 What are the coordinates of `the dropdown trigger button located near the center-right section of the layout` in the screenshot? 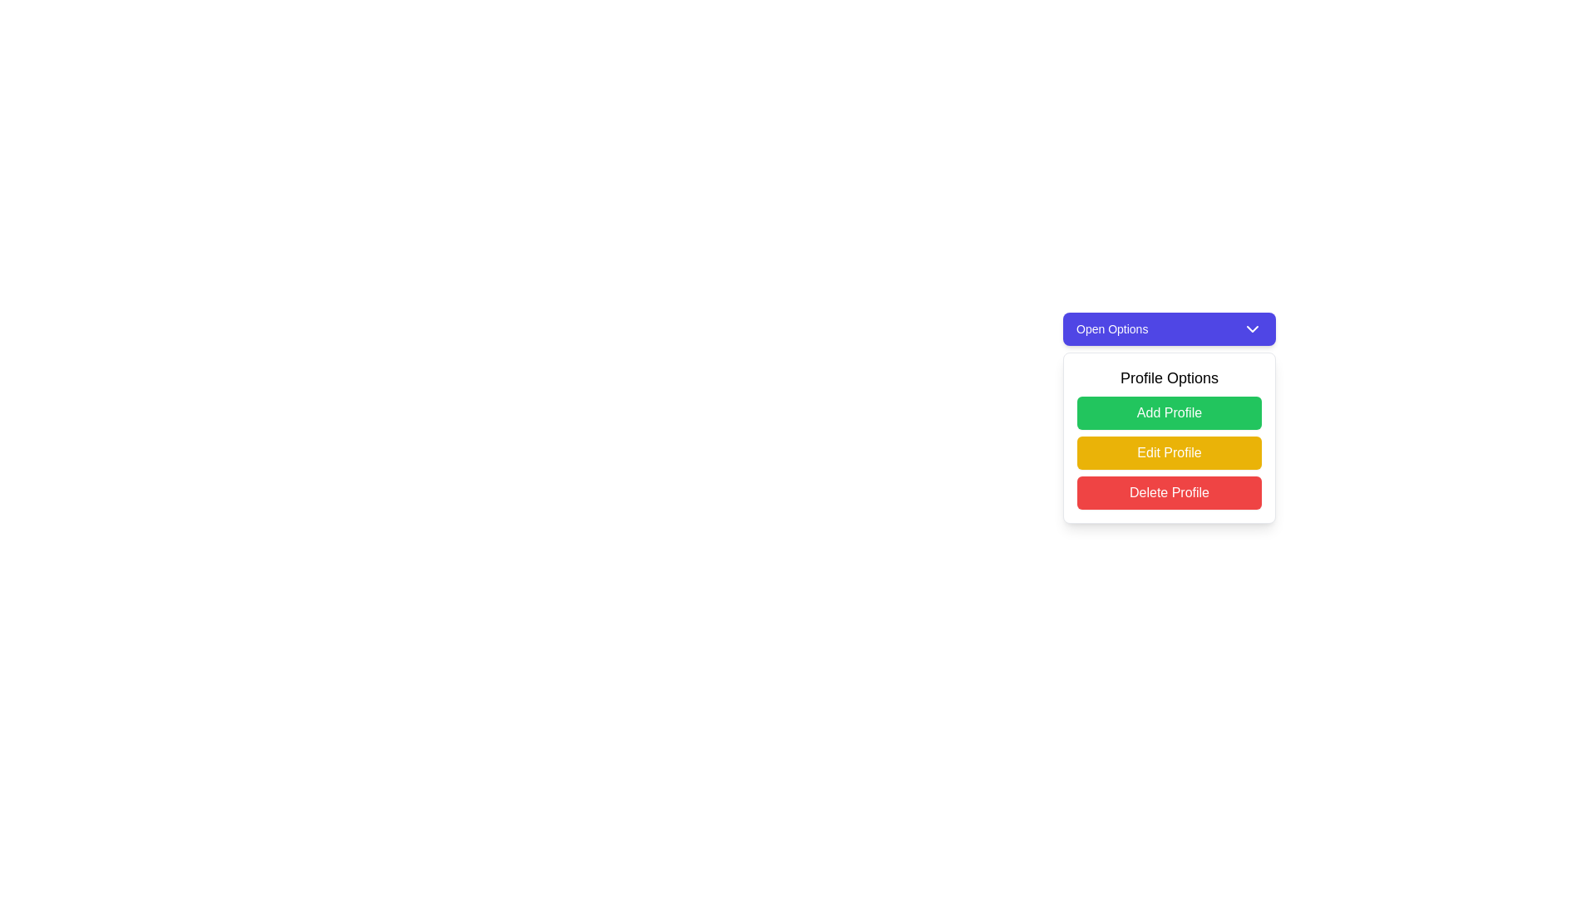 It's located at (1168, 329).